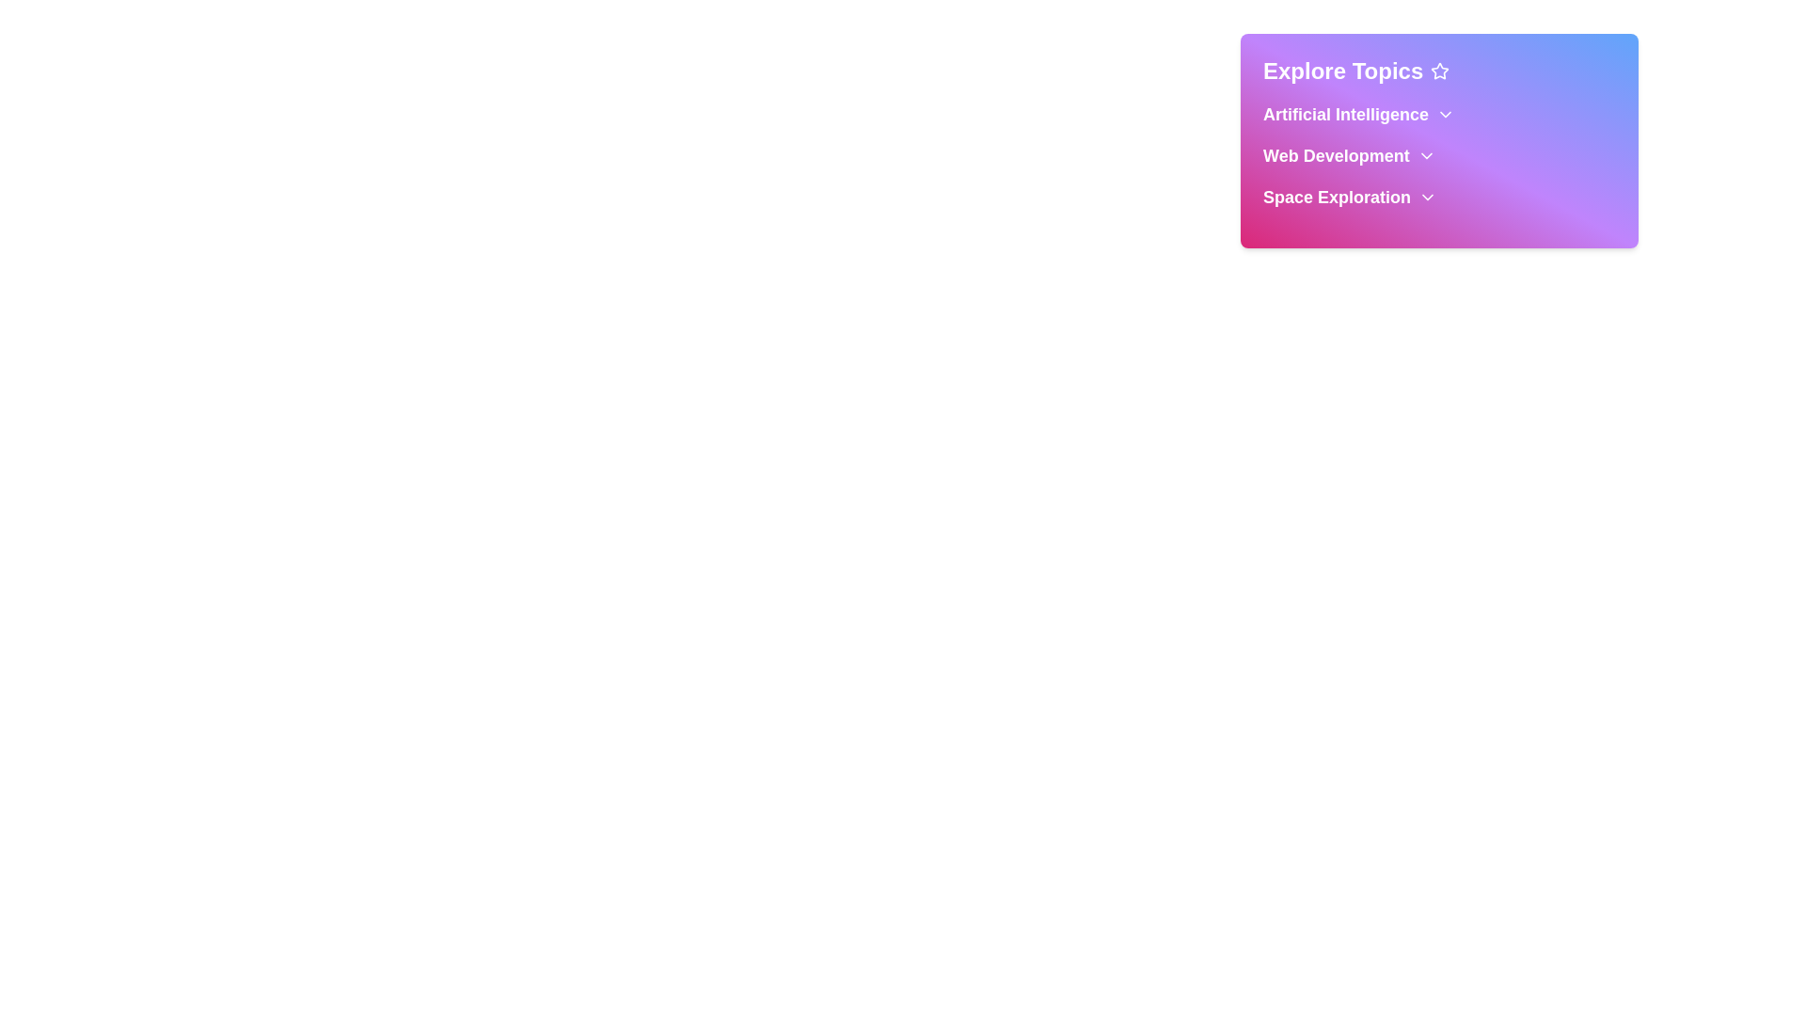 The image size is (1806, 1016). I want to click on the second item in the 'Explore Topics' dropdown list, which is related to 'Web Development', so click(1438, 154).